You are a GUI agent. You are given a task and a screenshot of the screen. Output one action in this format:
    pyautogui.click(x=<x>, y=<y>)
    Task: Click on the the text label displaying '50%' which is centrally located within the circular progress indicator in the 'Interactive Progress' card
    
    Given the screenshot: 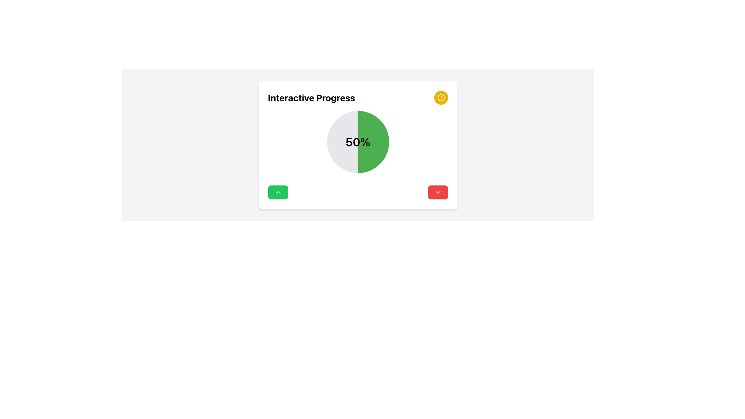 What is the action you would take?
    pyautogui.click(x=357, y=142)
    